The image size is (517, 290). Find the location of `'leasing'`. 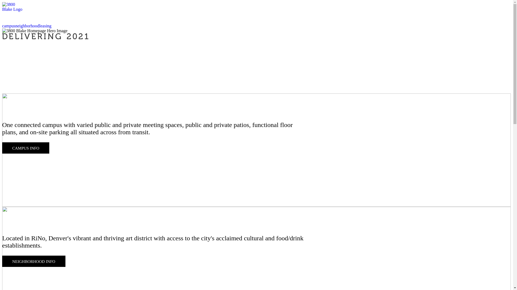

'leasing' is located at coordinates (45, 26).